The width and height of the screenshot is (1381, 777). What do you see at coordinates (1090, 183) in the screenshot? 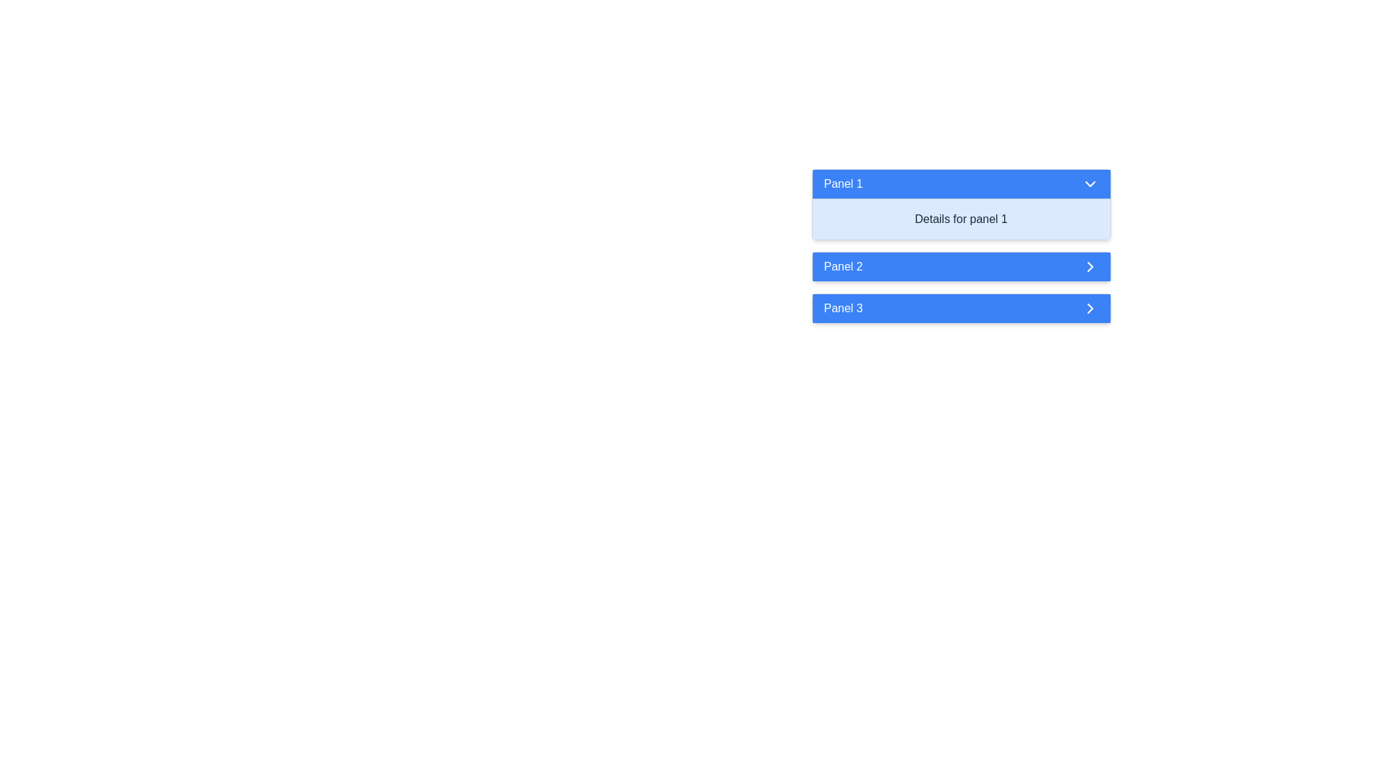
I see `the down arrow icon located at the right edge of the blue header labeled 'Panel 1'` at bounding box center [1090, 183].